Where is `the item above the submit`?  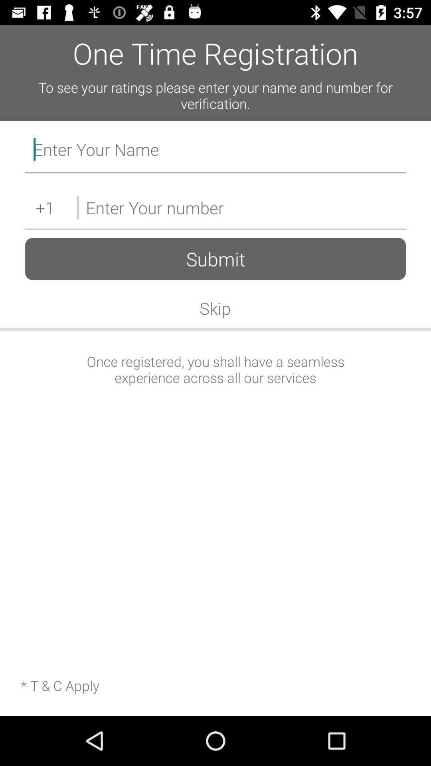 the item above the submit is located at coordinates (241, 207).